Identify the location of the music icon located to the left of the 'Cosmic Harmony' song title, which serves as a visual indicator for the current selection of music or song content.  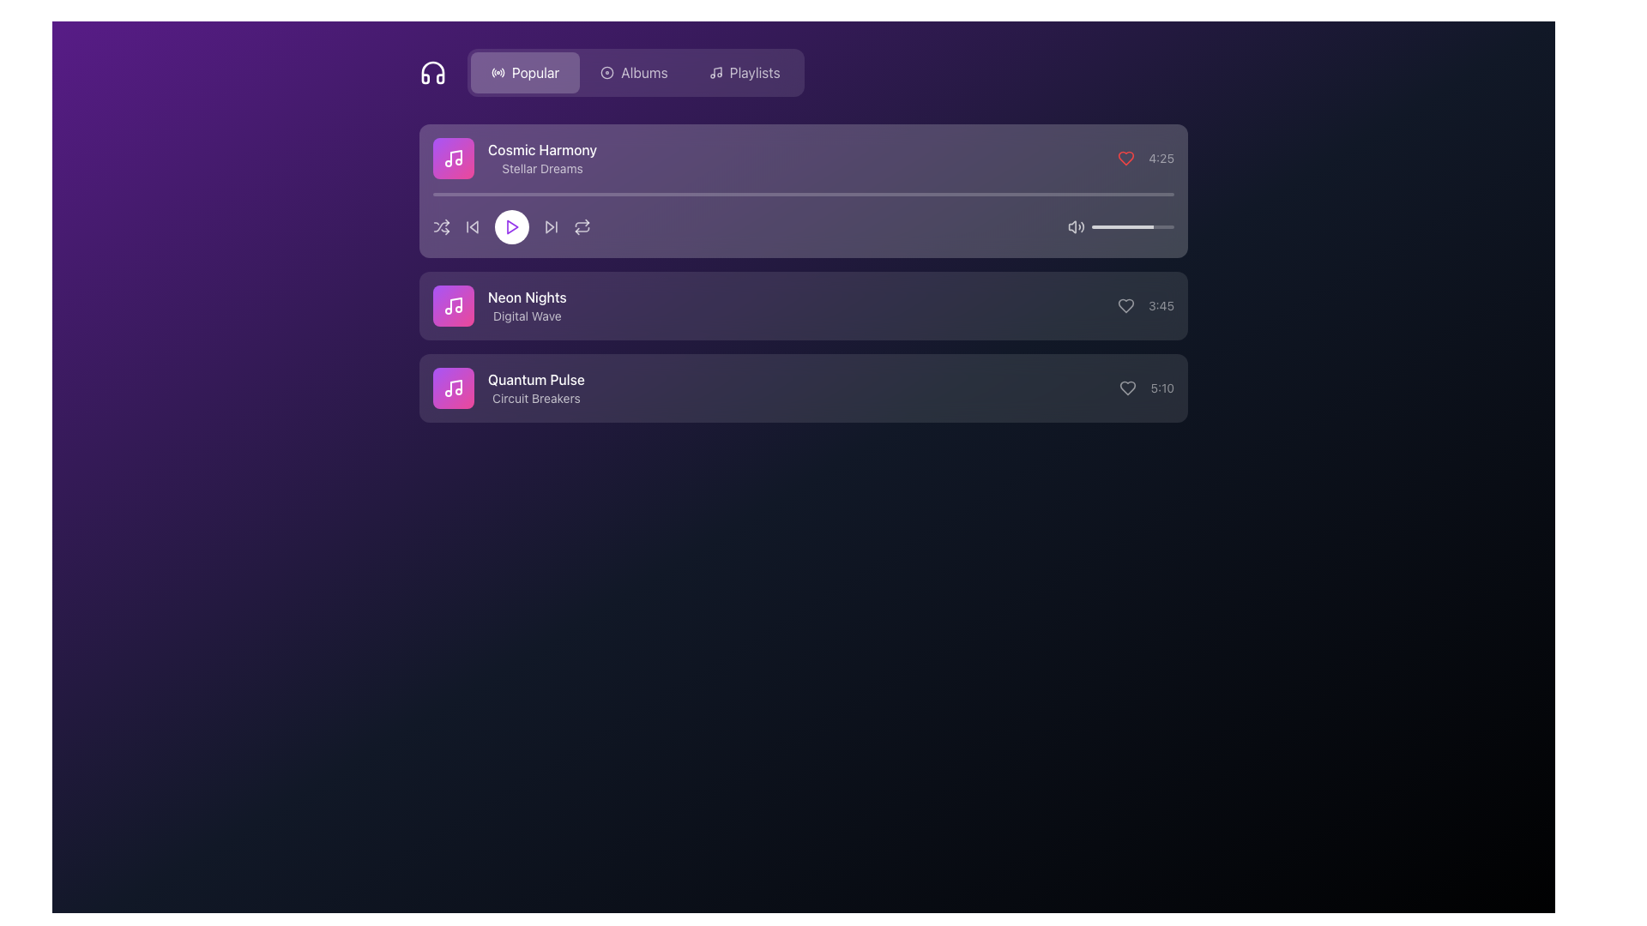
(453, 388).